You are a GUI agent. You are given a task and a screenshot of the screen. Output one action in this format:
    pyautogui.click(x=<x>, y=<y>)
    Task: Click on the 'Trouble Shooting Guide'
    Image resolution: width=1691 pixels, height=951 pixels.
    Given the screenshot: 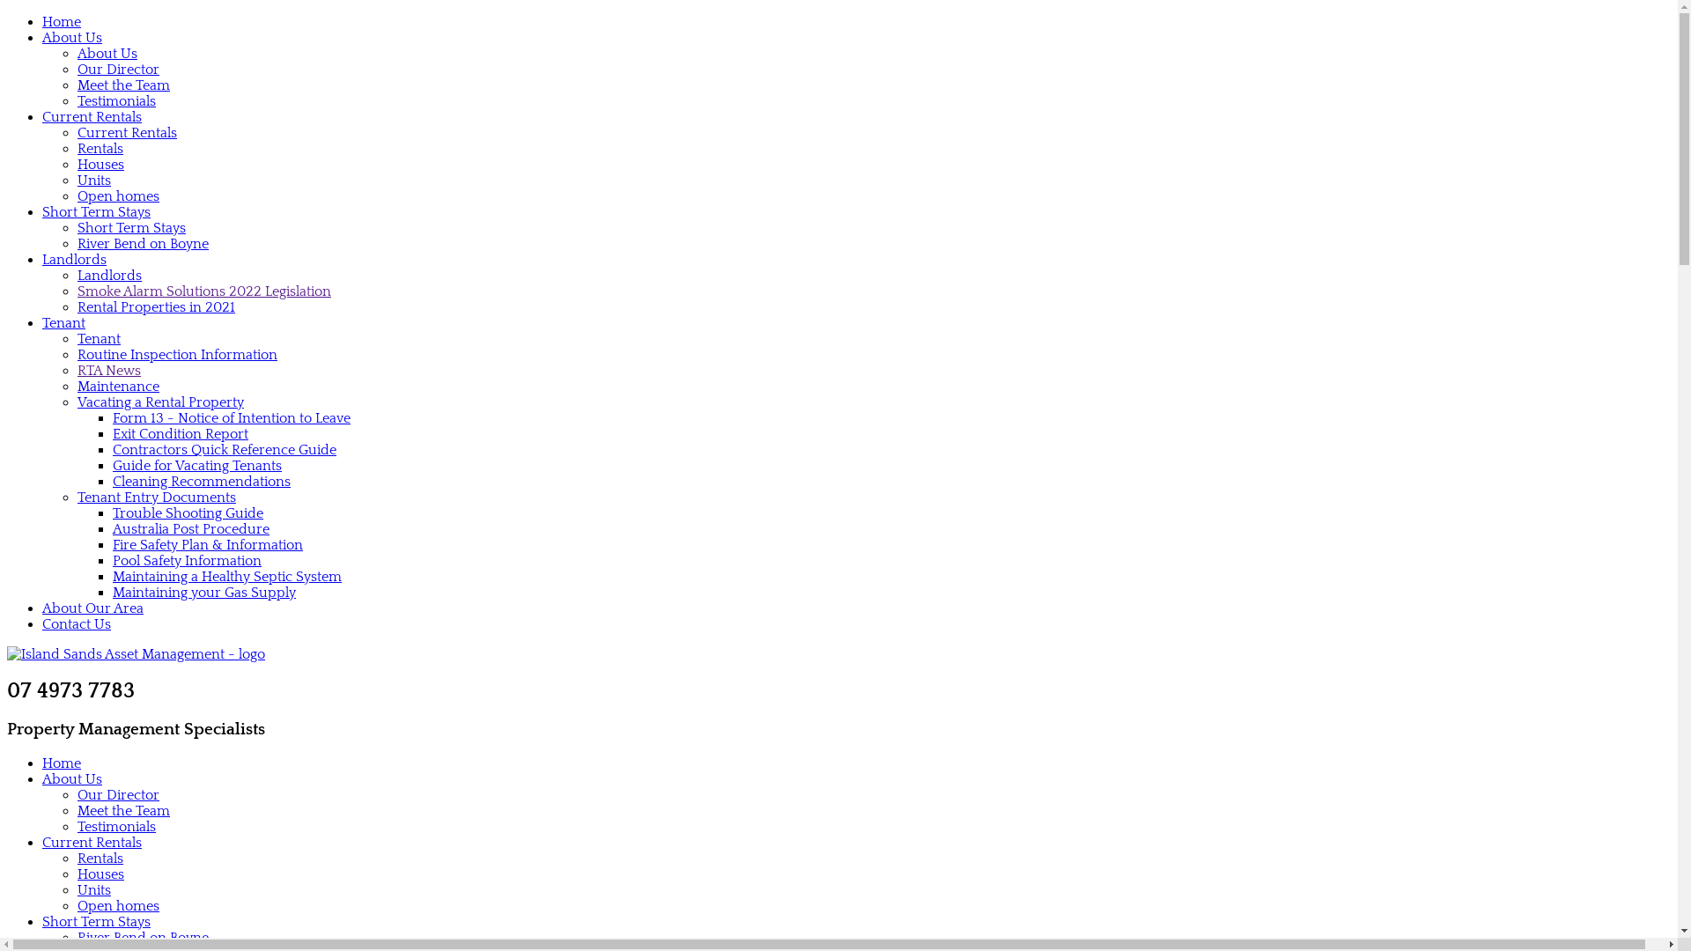 What is the action you would take?
    pyautogui.click(x=188, y=512)
    